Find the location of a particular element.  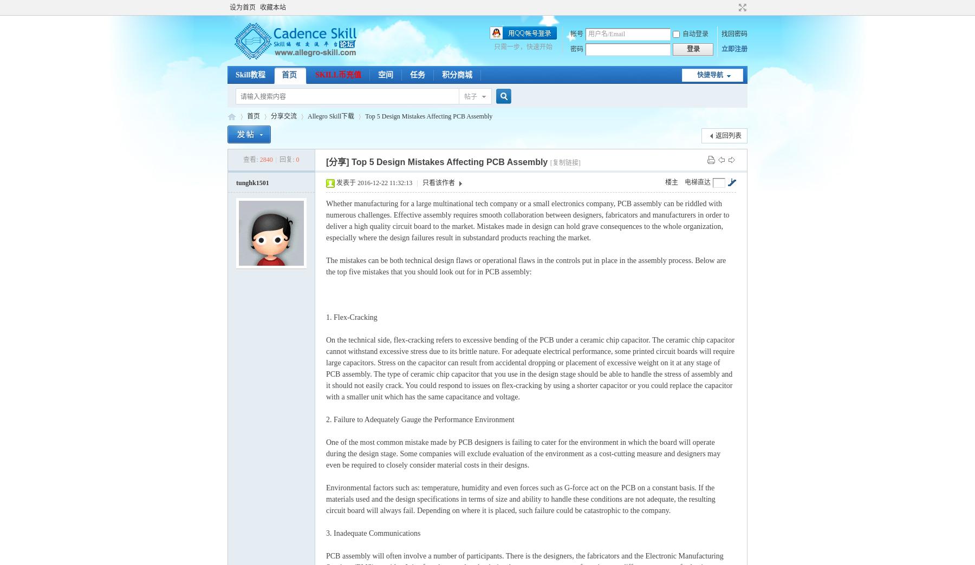

'0' is located at coordinates (297, 159).